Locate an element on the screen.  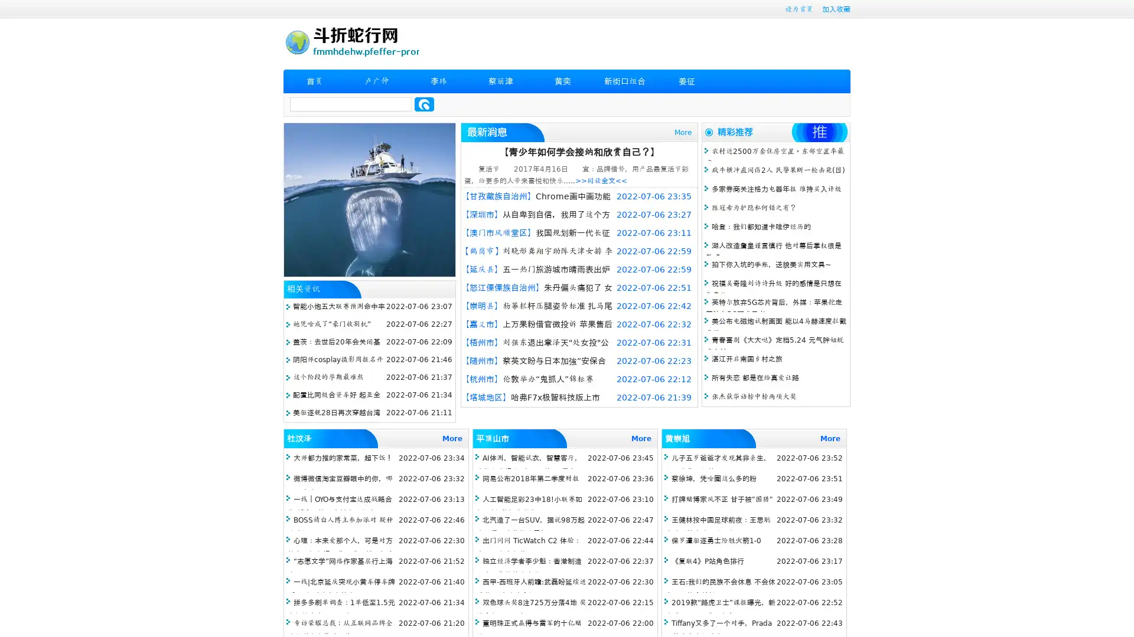
Search is located at coordinates (424, 104).